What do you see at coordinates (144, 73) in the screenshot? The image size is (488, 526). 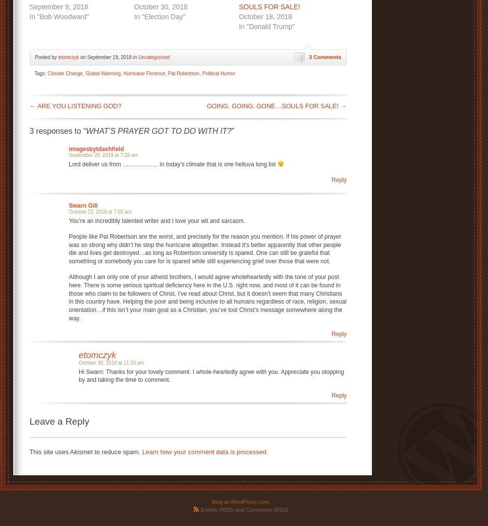 I see `'Hurricane Florence'` at bounding box center [144, 73].